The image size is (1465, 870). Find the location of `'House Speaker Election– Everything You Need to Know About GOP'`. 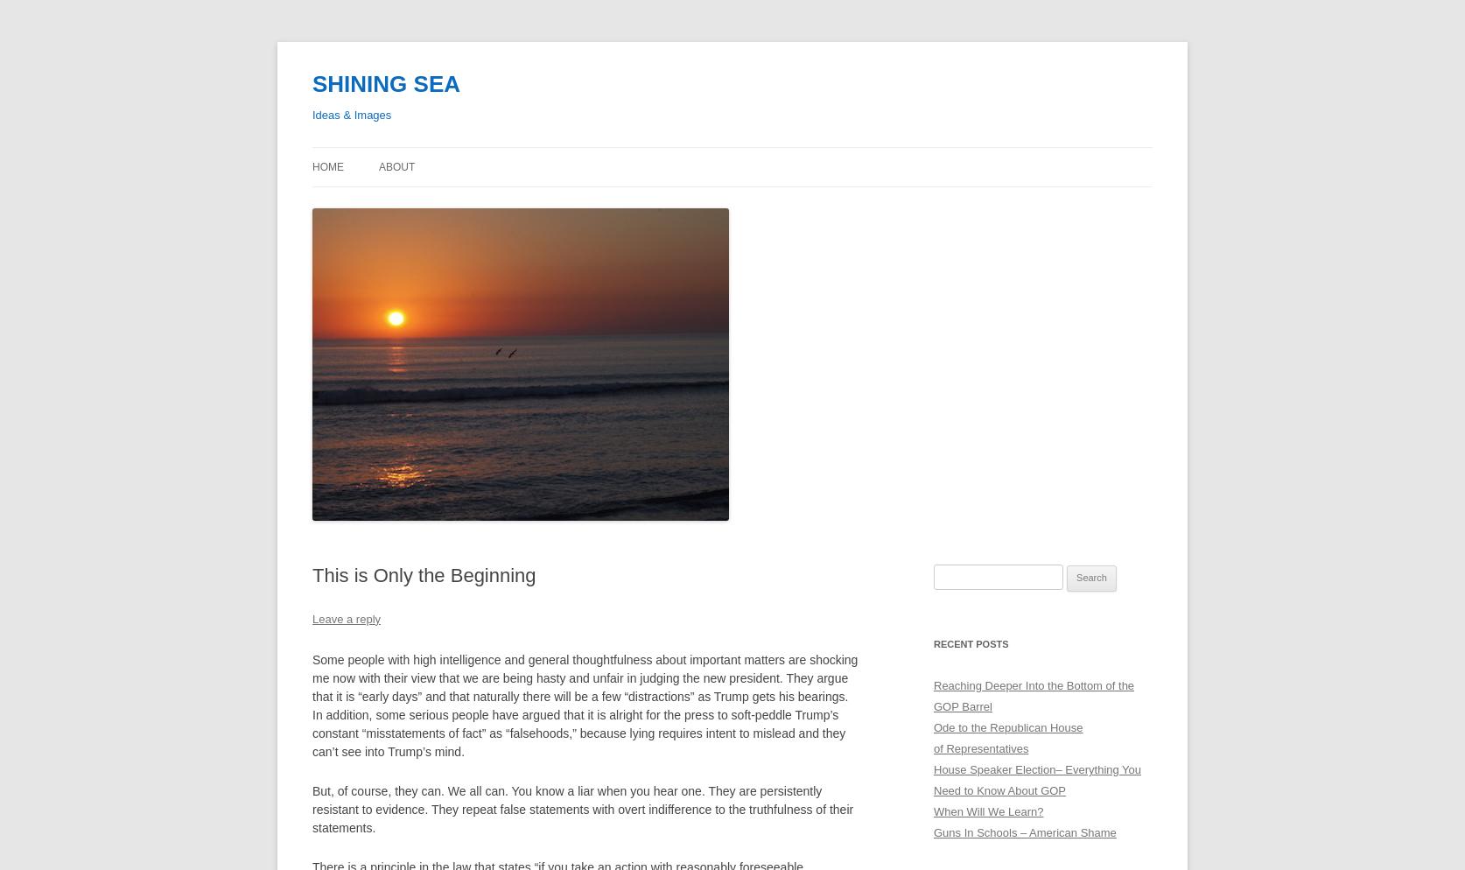

'House Speaker Election– Everything You Need to Know About GOP' is located at coordinates (933, 779).